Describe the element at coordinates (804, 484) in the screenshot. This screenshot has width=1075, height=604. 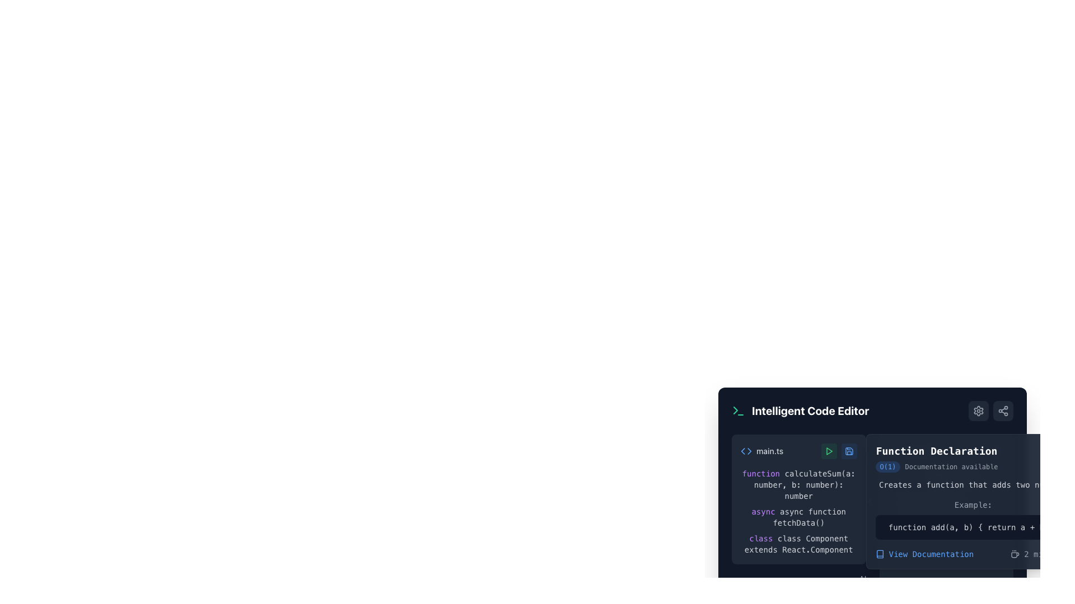
I see `the text string displaying the TypeScript function signature 'calculateSum(a: number, b: number): number' within the code editor interface, which is styled in light gray and positioned next to the purple-highlighted 'function' keyword` at that location.